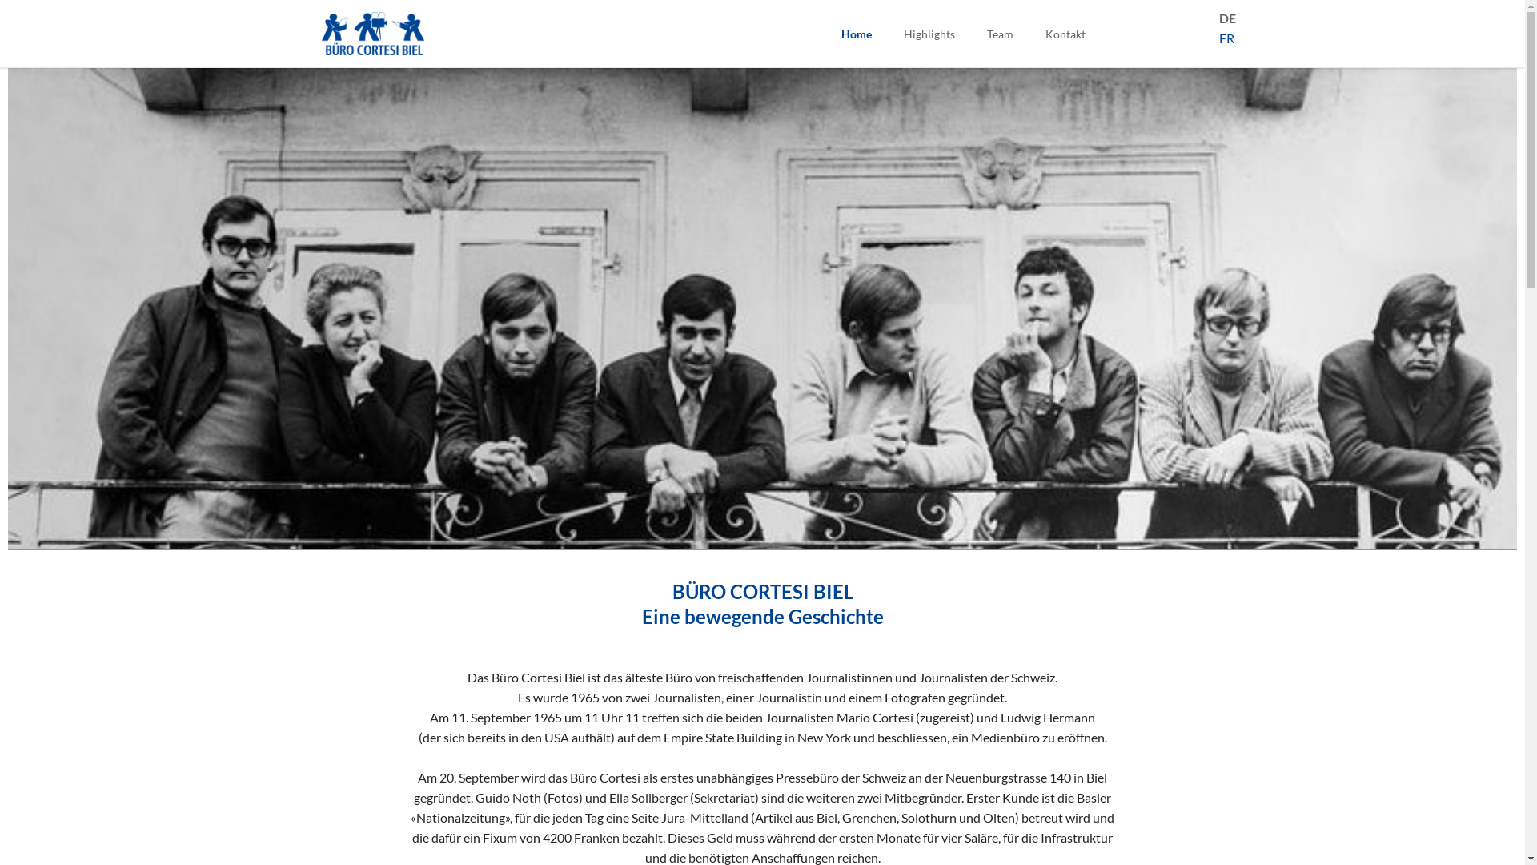 This screenshot has width=1537, height=865. I want to click on 'FR', so click(1218, 37).